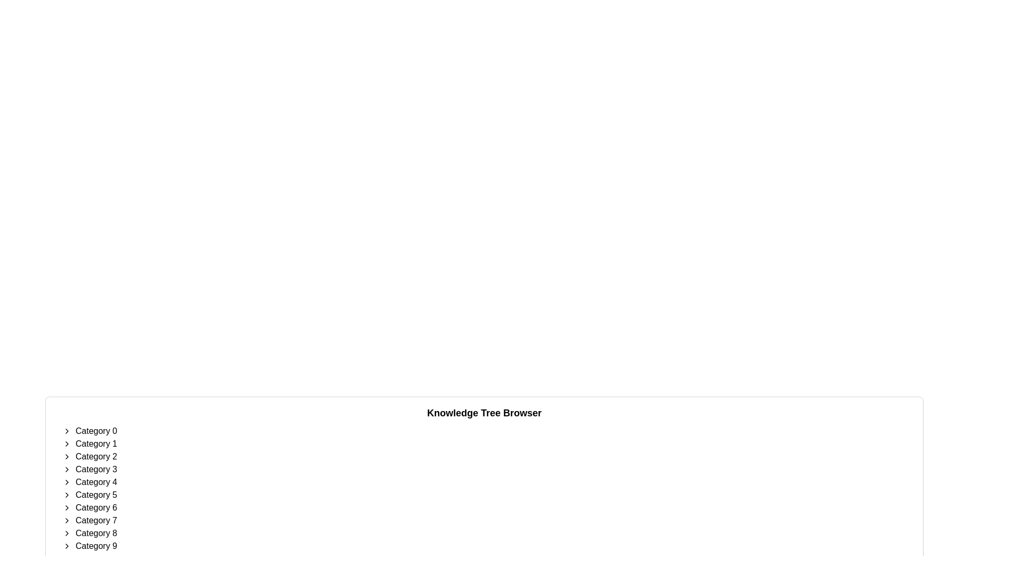  What do you see at coordinates (66, 520) in the screenshot?
I see `the small right-pointing arrow icon located to the left of the text 'Category 7'` at bounding box center [66, 520].